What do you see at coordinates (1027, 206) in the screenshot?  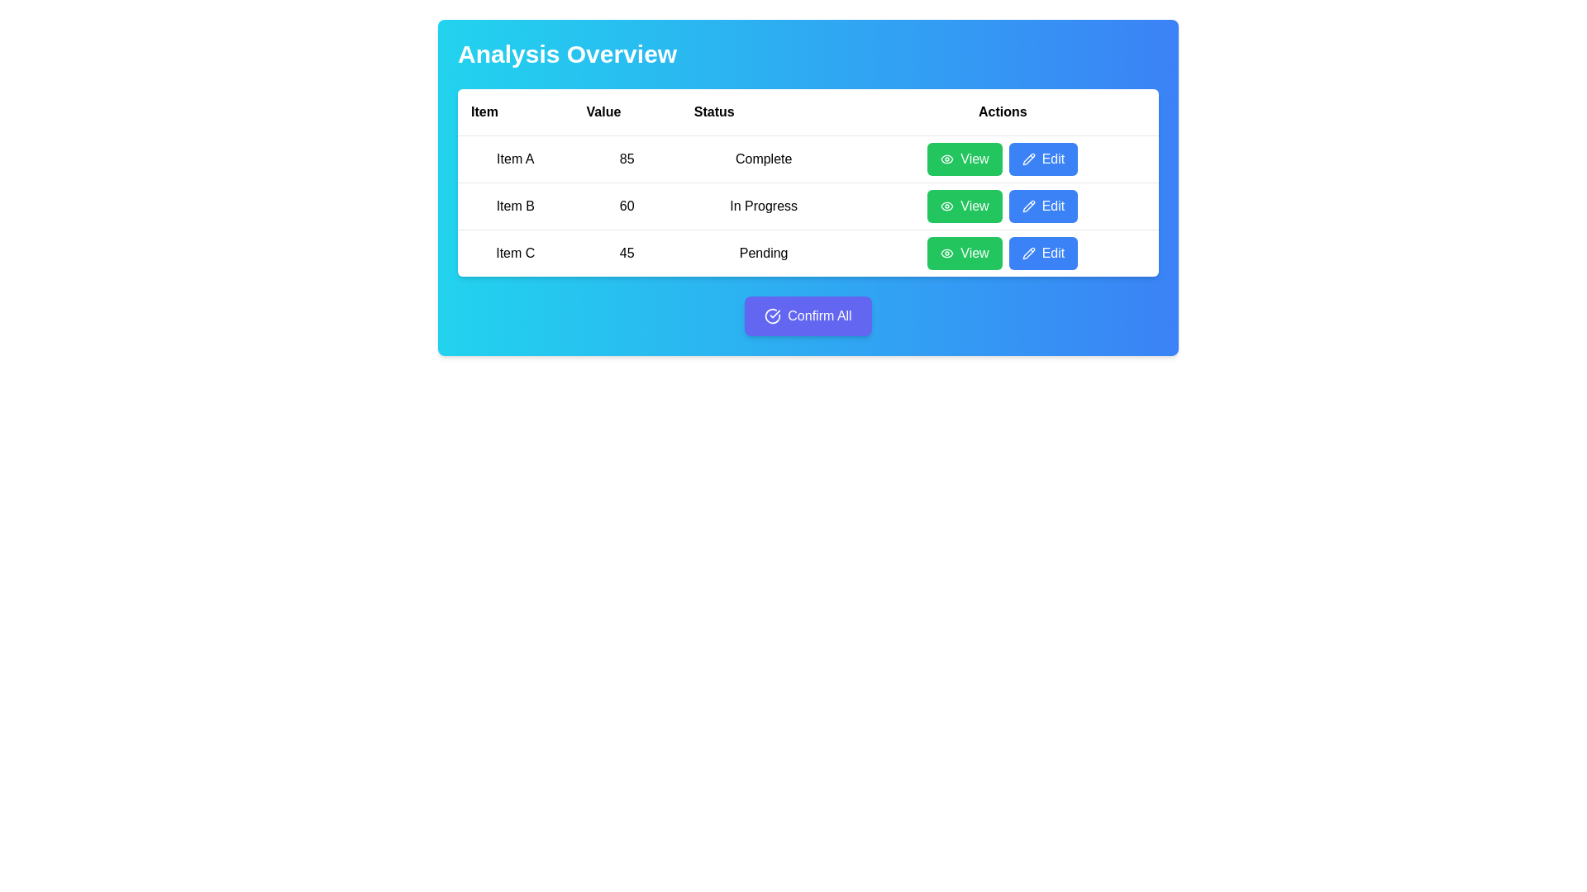 I see `the pencil icon in the 'Edit' button of the 'Actions' column for 'Item B' in the 'Analysis Overview' table to initiate the edit functionality` at bounding box center [1027, 206].